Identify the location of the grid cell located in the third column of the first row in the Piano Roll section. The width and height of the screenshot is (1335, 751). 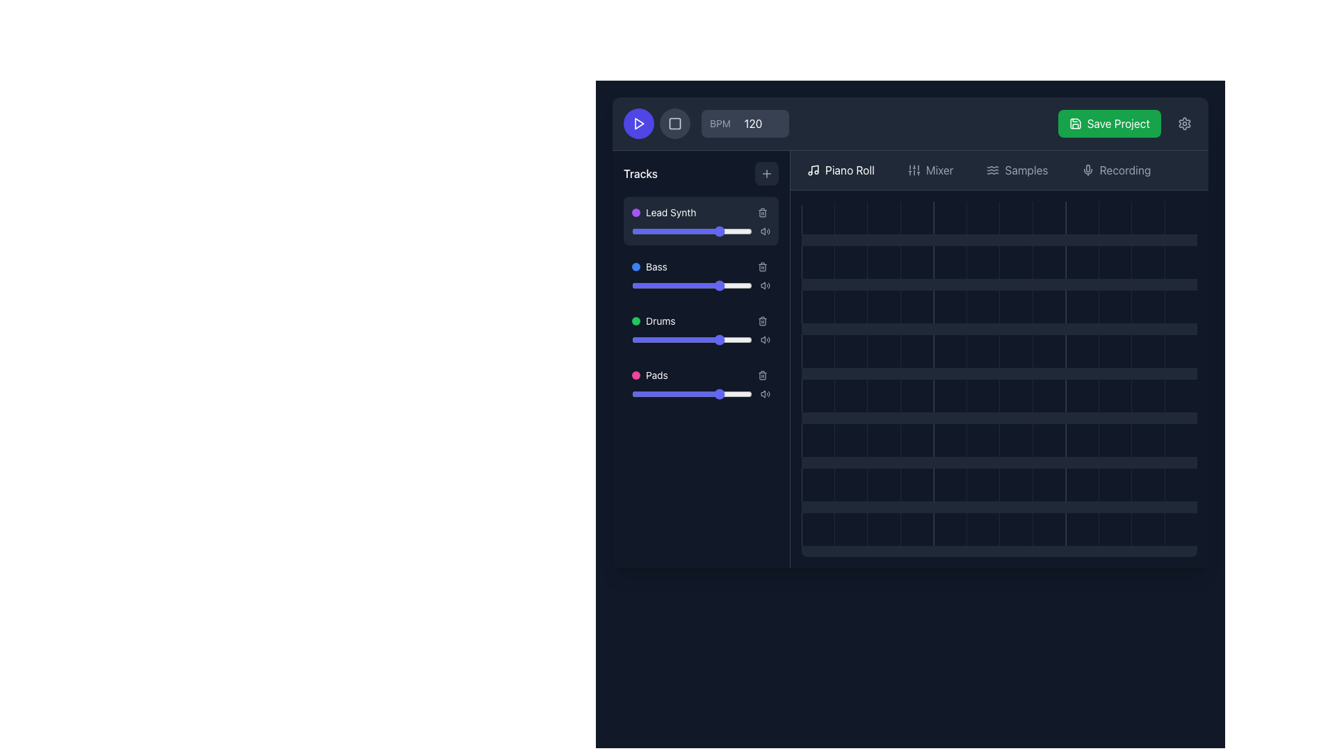
(883, 218).